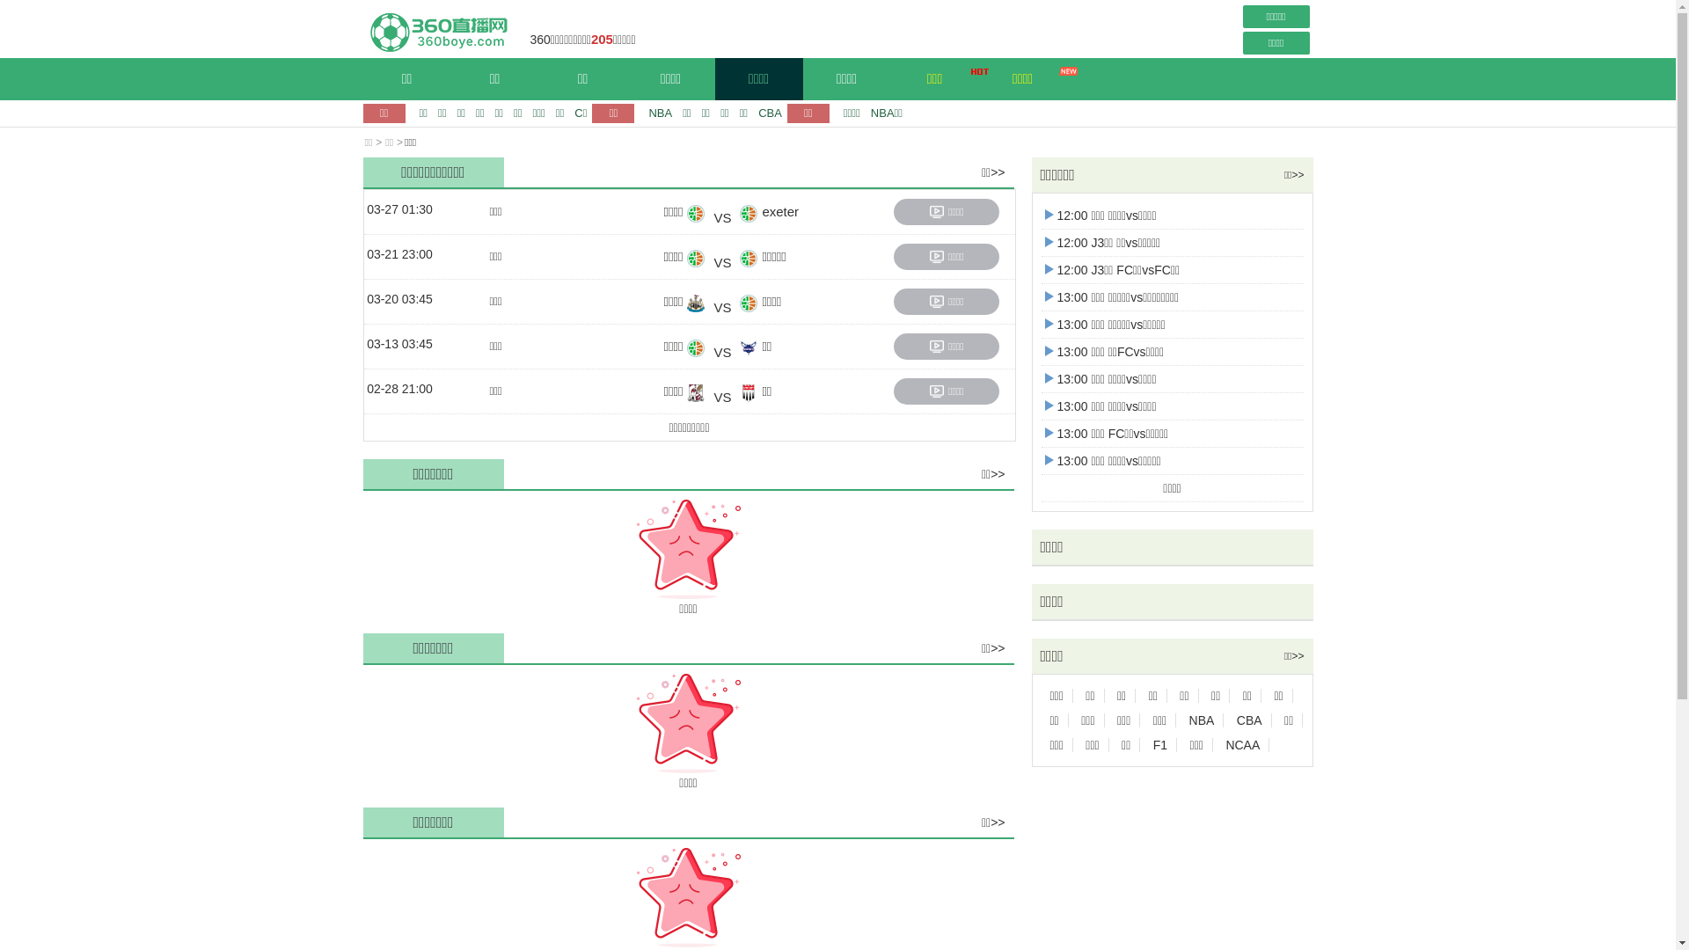 The width and height of the screenshot is (1689, 950). I want to click on 'exeter', so click(805, 216).